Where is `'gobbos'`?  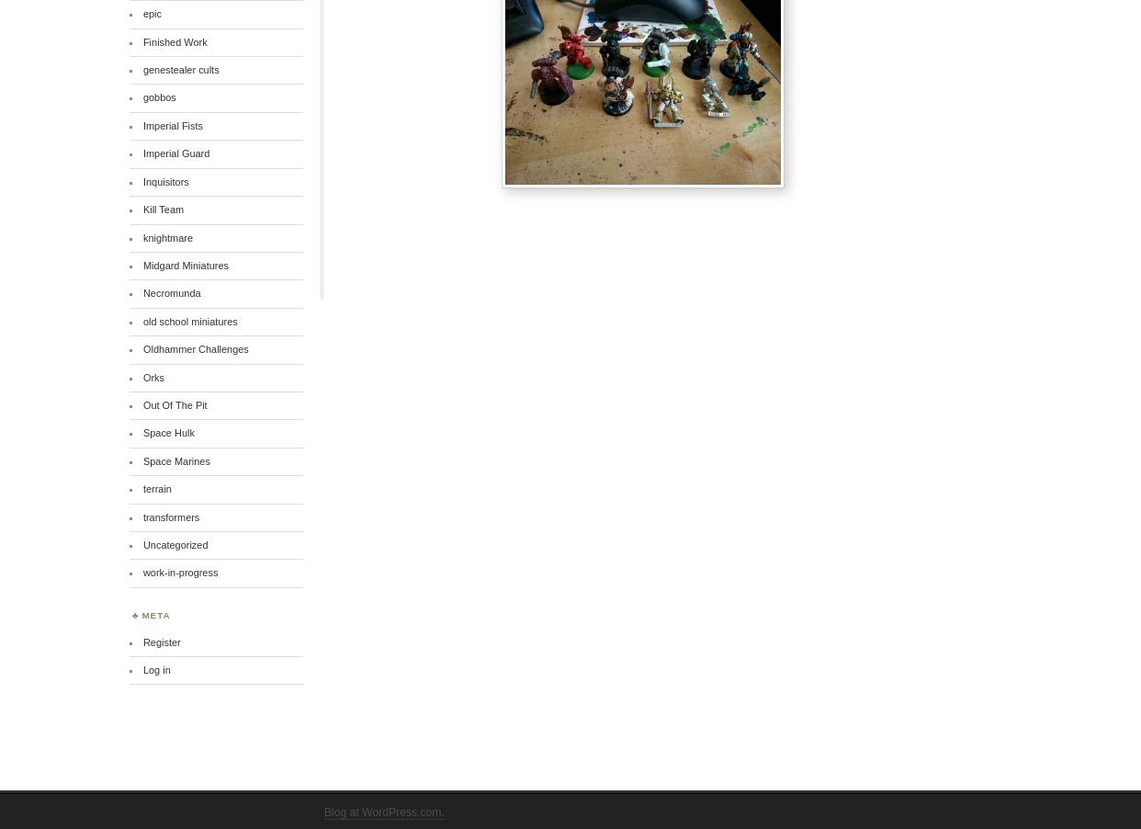
'gobbos' is located at coordinates (158, 97).